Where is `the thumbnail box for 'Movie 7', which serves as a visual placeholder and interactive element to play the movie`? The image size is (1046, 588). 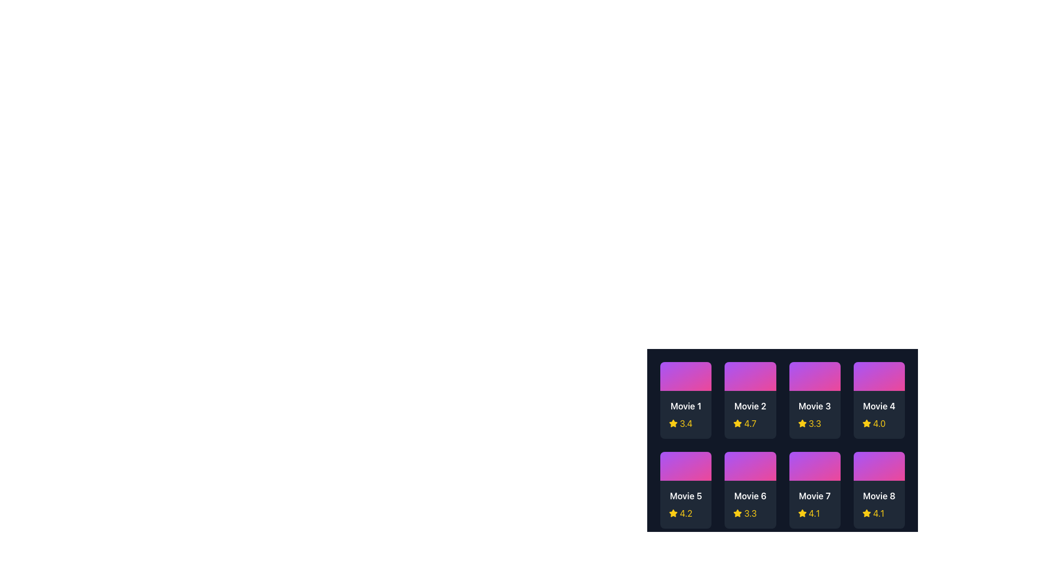 the thumbnail box for 'Movie 7', which serves as a visual placeholder and interactive element to play the movie is located at coordinates (814, 465).